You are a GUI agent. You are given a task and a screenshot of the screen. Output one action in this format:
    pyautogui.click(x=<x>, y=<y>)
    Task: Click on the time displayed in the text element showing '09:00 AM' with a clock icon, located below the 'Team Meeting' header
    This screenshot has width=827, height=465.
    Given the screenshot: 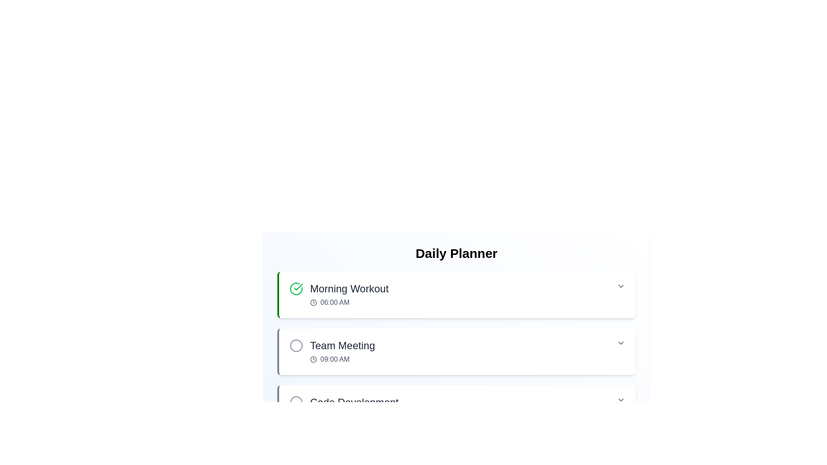 What is the action you would take?
    pyautogui.click(x=342, y=359)
    